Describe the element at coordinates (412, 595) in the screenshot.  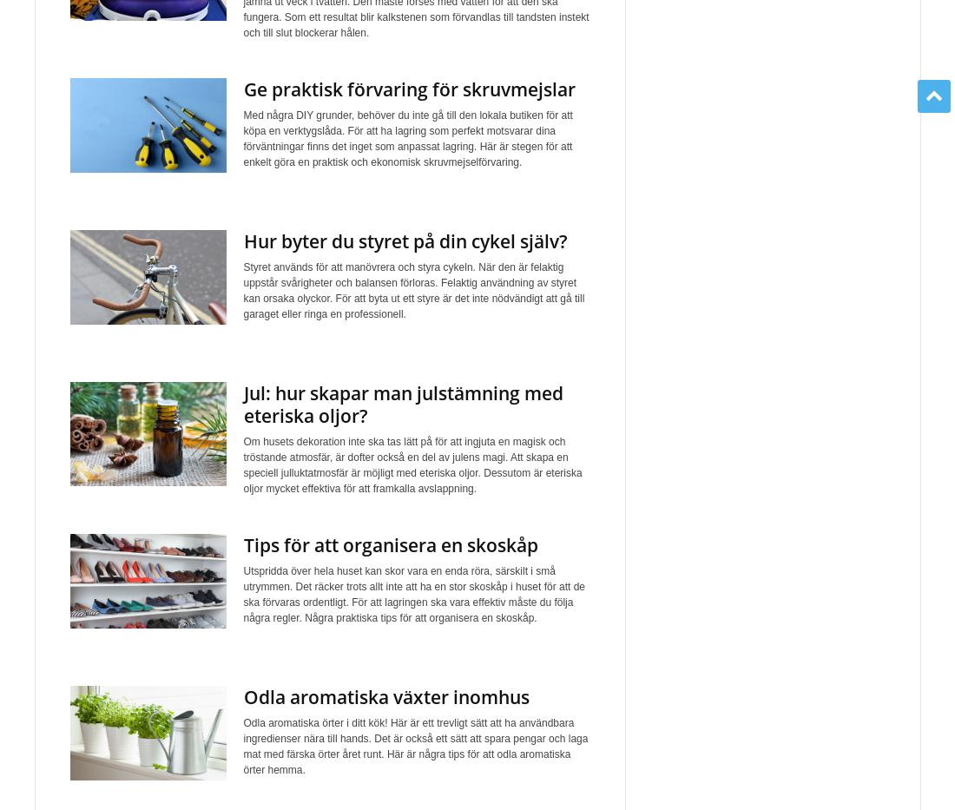
I see `'Utspridda över hela huset kan skor vara en enda röra, särskilt i små utrymmen. Det räcker trots allt inte att ha en stor skoskåp i huset för att de ska förvaras ordentligt. För att lagringen ska vara effektiv måste du följa några regler. Några praktiska tips för att organisera en skoskåp.'` at that location.